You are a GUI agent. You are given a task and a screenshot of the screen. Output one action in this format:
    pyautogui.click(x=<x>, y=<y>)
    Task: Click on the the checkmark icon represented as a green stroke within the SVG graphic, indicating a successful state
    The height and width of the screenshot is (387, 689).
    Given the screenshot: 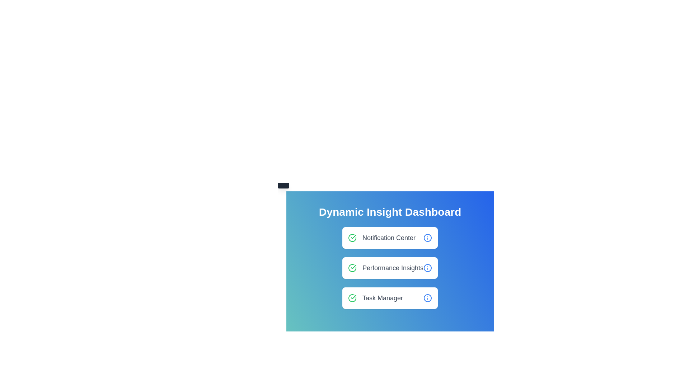 What is the action you would take?
    pyautogui.click(x=353, y=297)
    